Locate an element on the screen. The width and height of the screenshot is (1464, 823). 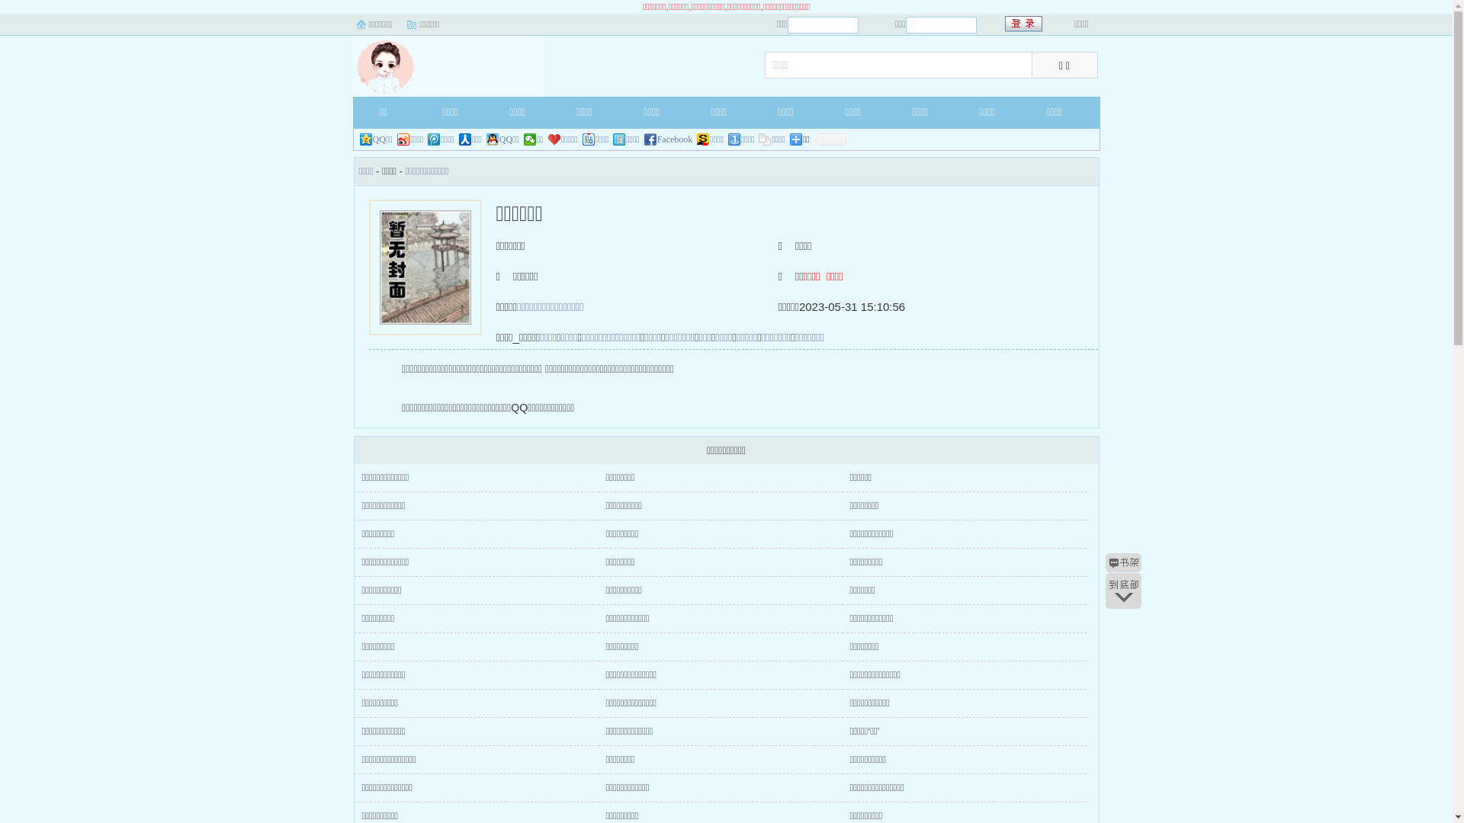
'Facebook' is located at coordinates (644, 139).